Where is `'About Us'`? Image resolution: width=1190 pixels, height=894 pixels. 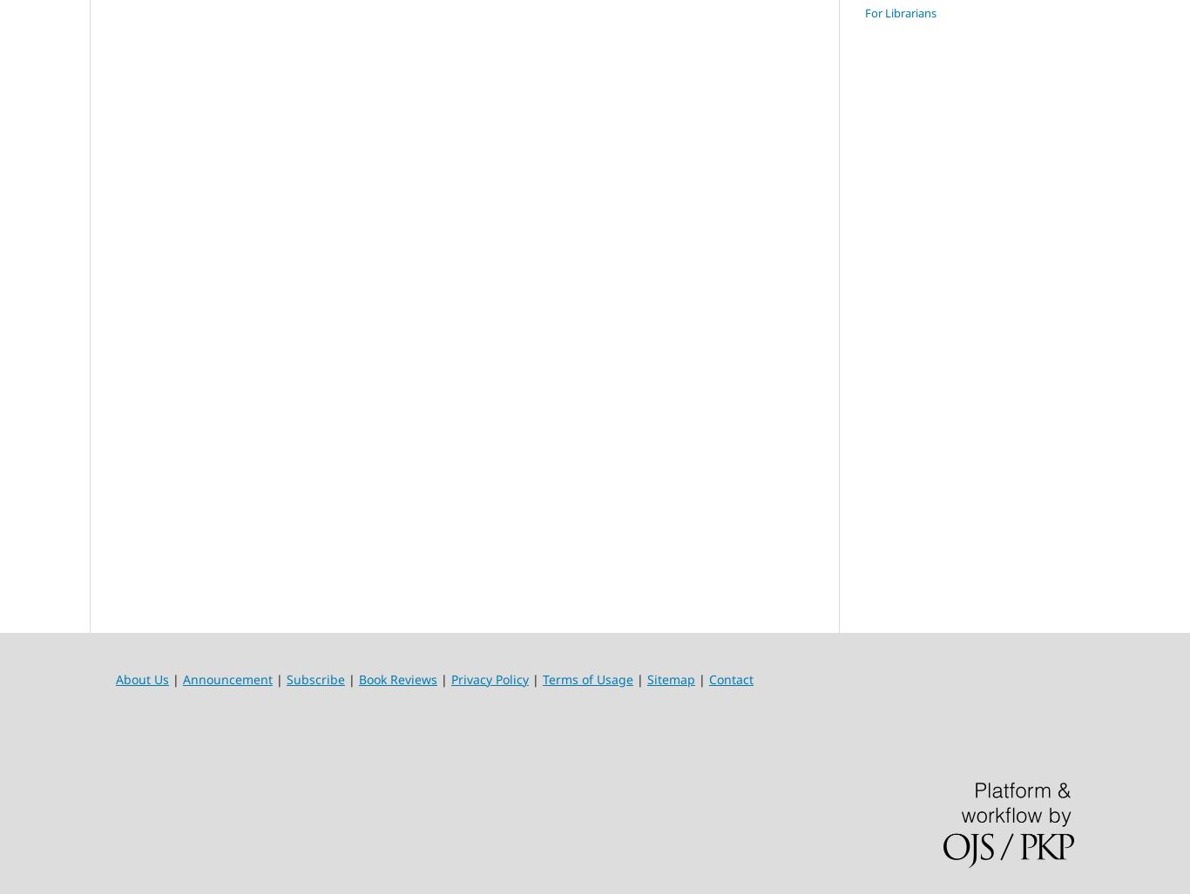 'About Us' is located at coordinates (141, 678).